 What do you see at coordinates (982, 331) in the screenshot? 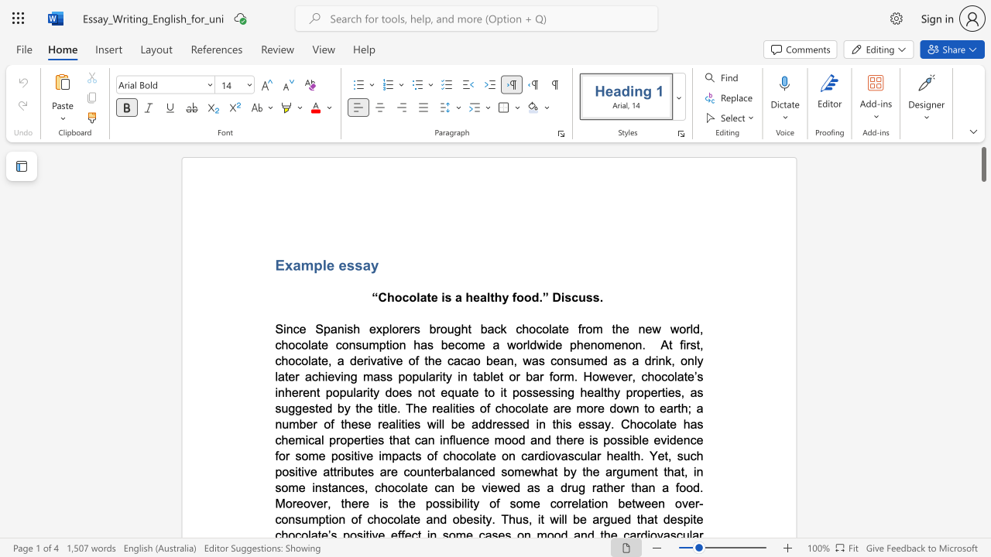
I see `the scrollbar to adjust the page downward` at bounding box center [982, 331].